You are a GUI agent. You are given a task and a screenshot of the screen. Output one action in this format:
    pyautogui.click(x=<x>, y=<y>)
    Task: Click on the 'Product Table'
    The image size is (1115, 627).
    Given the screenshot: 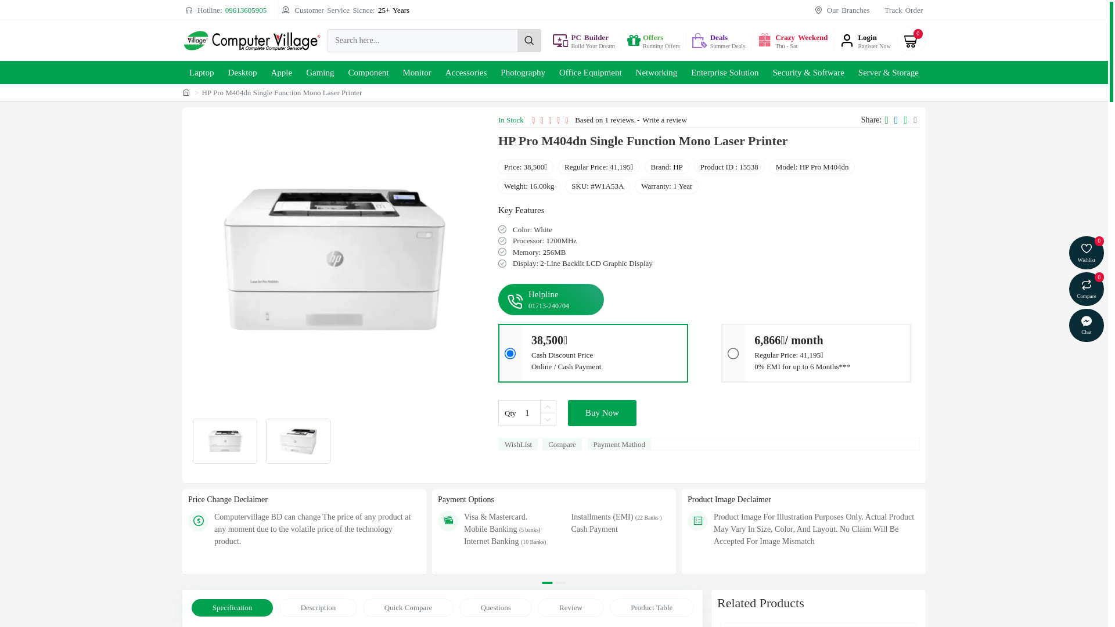 What is the action you would take?
    pyautogui.click(x=652, y=607)
    